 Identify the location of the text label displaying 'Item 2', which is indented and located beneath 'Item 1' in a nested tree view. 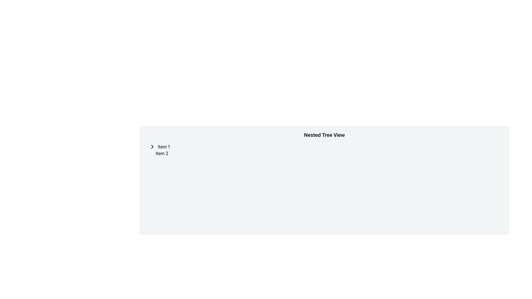
(162, 153).